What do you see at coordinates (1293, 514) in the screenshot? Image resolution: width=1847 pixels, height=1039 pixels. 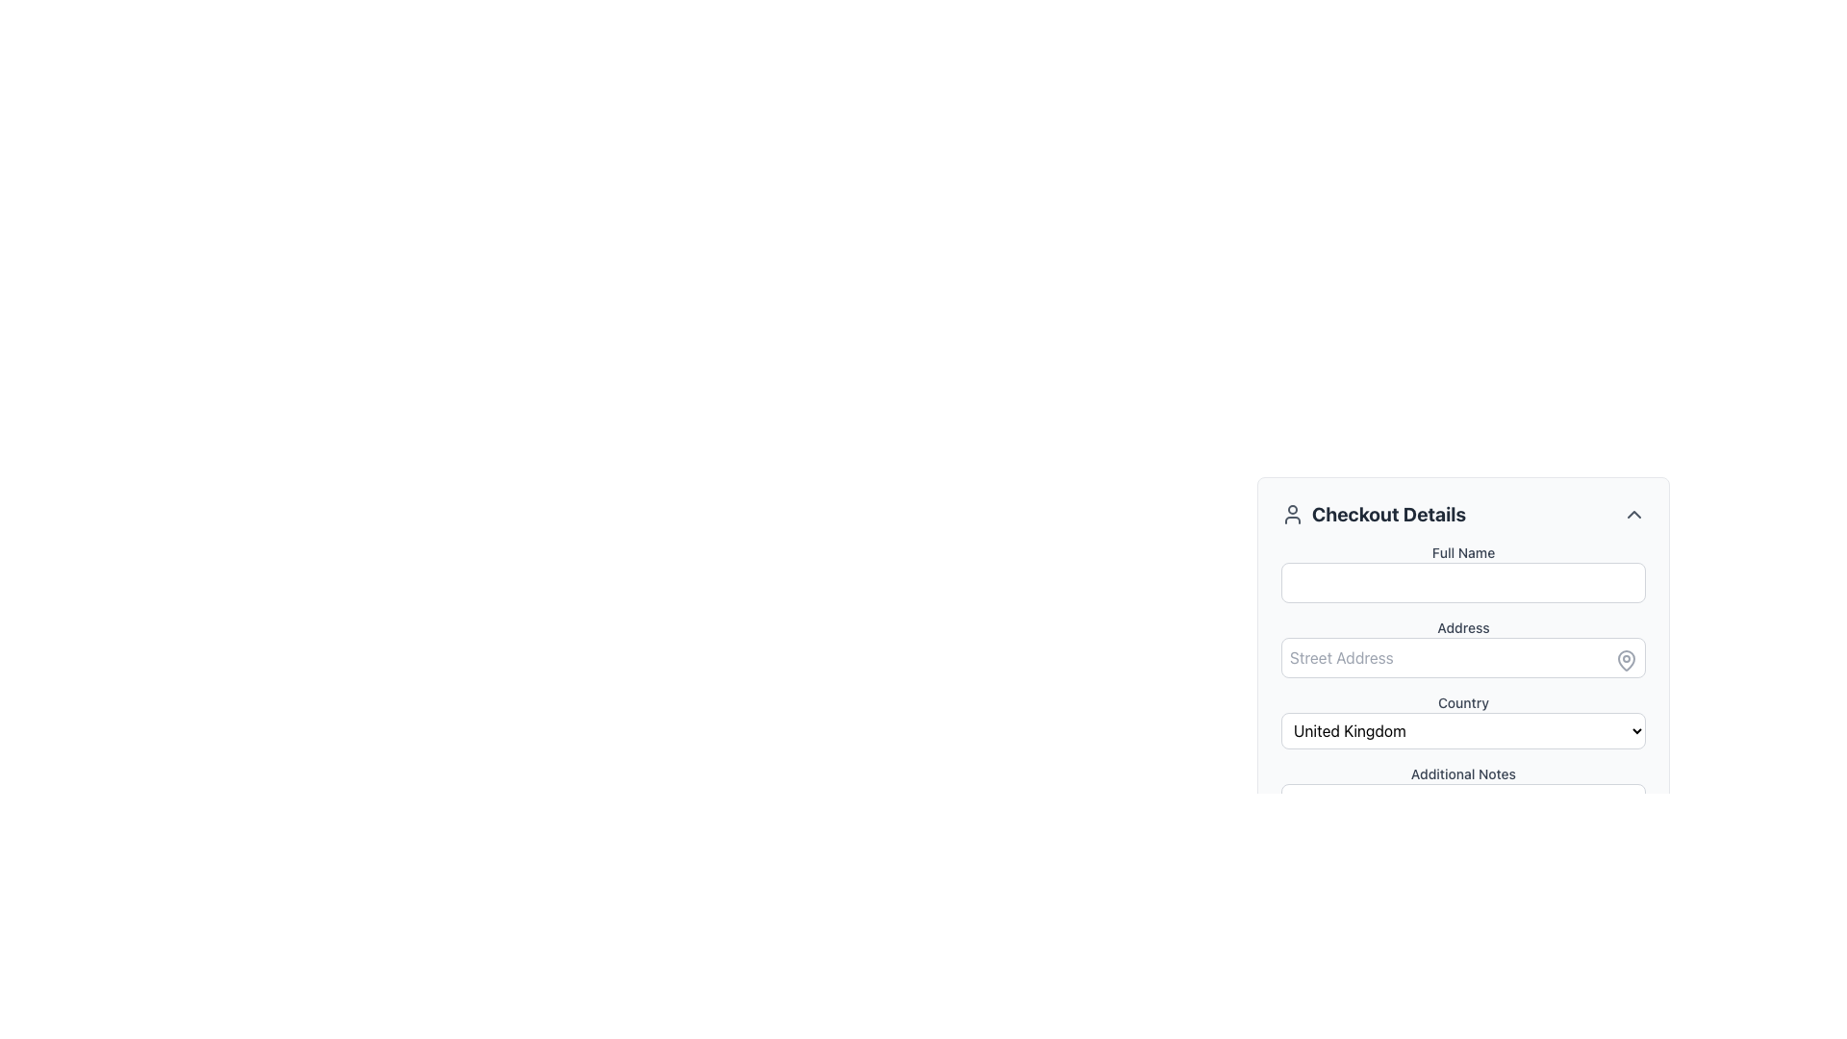 I see `the user profile icon located to the left of the 'Checkout Details' text at the top of the details form section` at bounding box center [1293, 514].